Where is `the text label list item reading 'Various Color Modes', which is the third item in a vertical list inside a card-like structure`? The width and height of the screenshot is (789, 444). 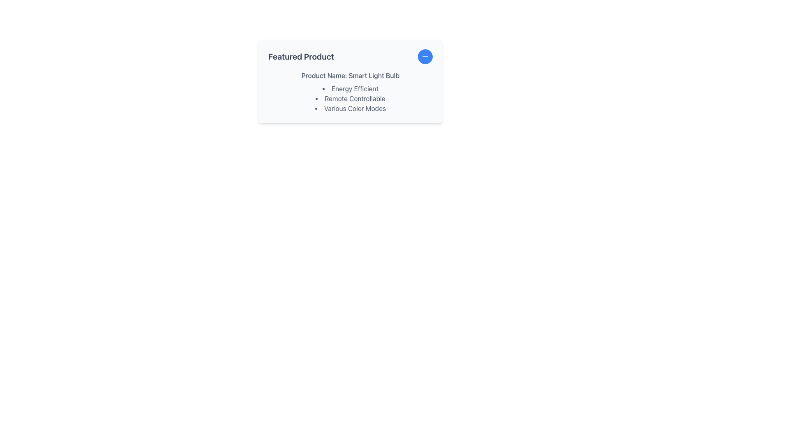
the text label list item reading 'Various Color Modes', which is the third item in a vertical list inside a card-like structure is located at coordinates (351, 108).